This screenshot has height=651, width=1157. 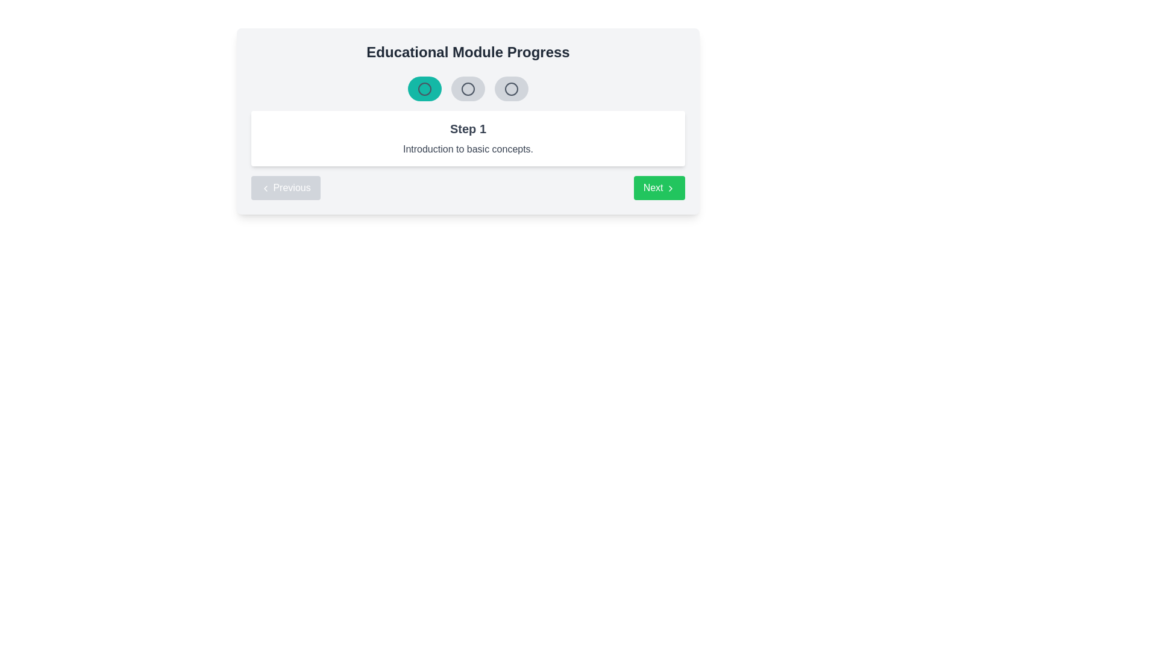 I want to click on the visual state of the first step in the multi-step progress tracker, which is actively indicating progress, so click(x=425, y=87).